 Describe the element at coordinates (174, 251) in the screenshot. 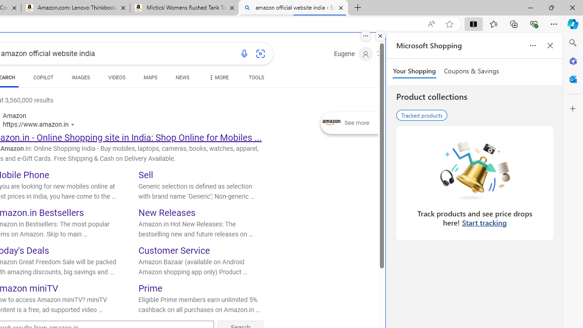

I see `'Customer Service'` at that location.